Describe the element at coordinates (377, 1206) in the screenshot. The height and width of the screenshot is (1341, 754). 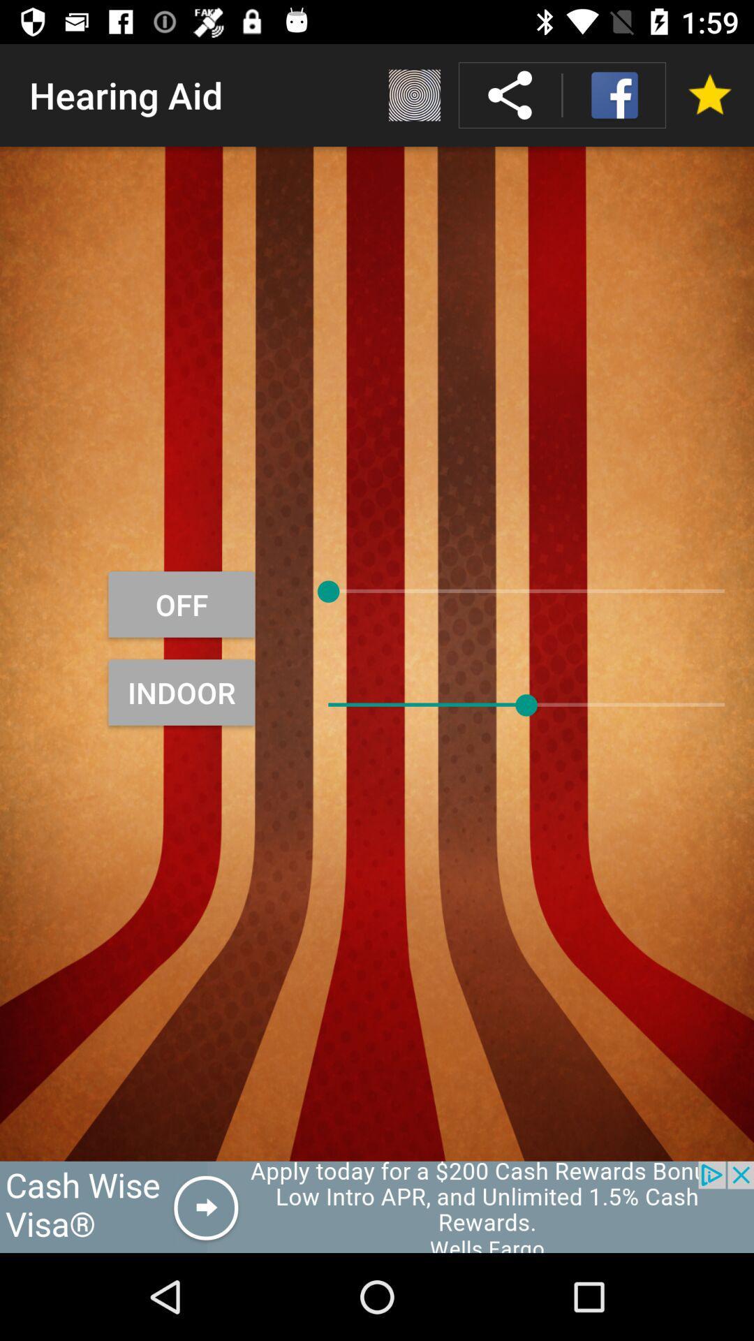
I see `click advertisement` at that location.